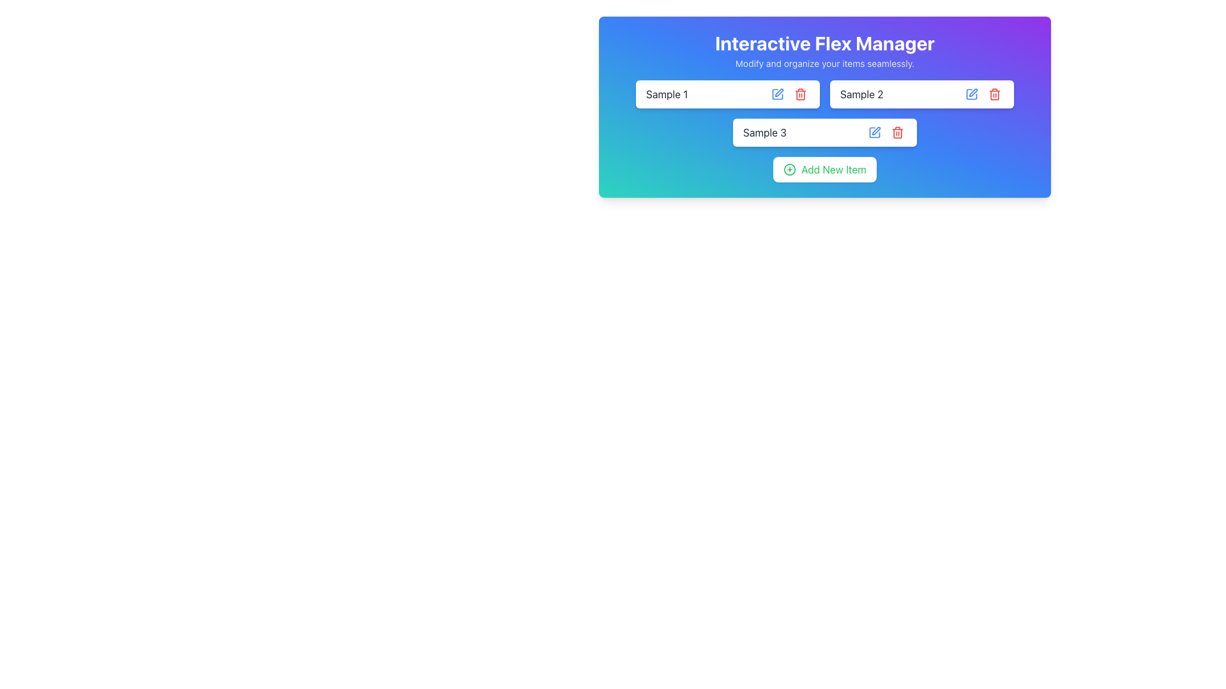  What do you see at coordinates (897, 133) in the screenshot?
I see `the red trash icon button located to the right of the 'Sample 3' text field to initiate the deletion process` at bounding box center [897, 133].